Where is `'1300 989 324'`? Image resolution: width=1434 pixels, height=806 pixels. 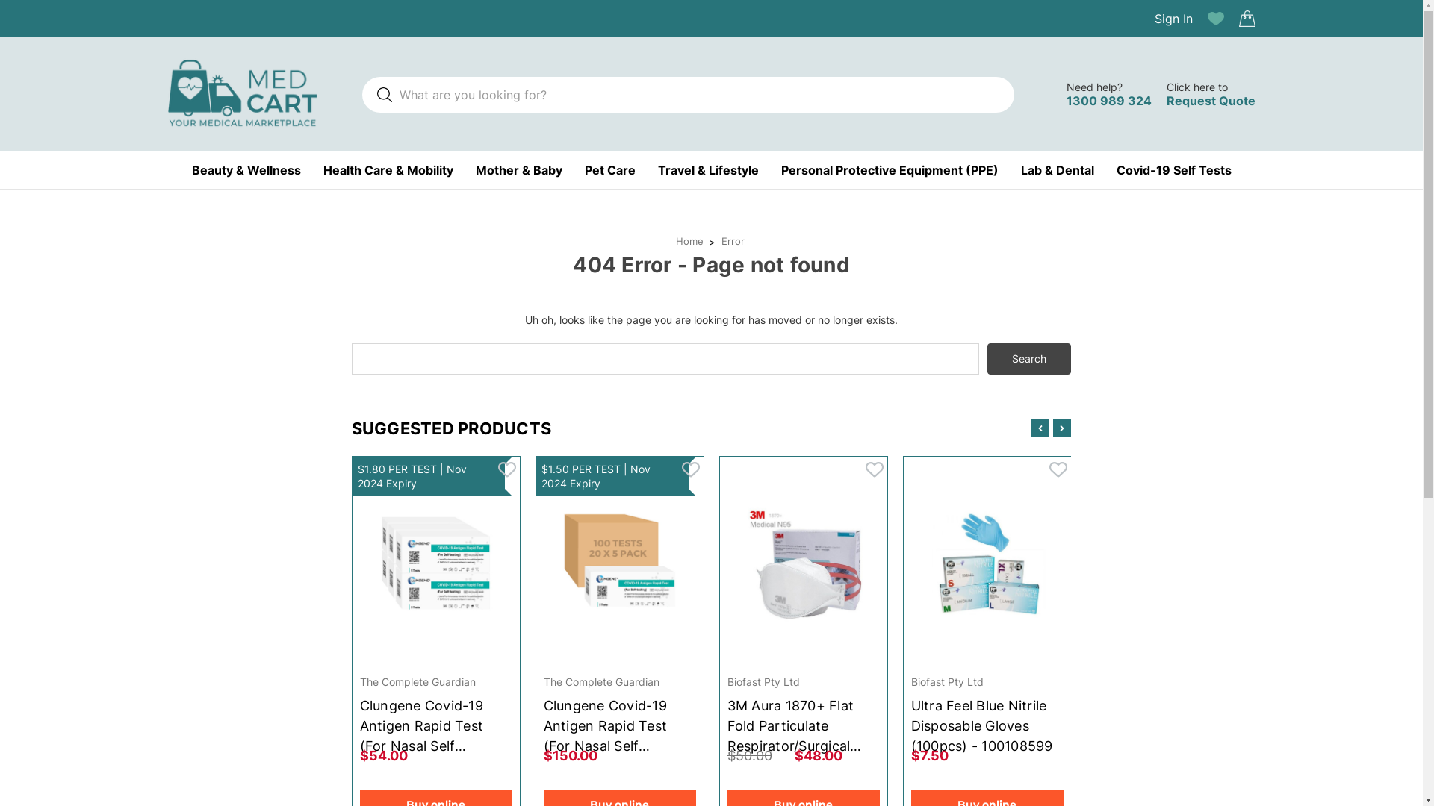 '1300 989 324' is located at coordinates (1066, 101).